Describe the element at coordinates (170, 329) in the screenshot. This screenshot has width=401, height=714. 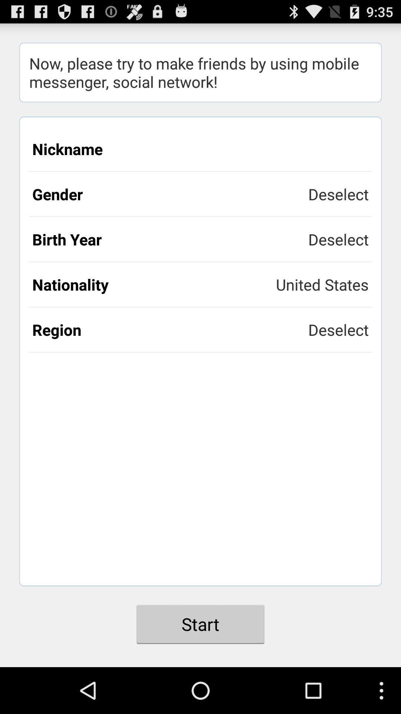
I see `the app below the nationality item` at that location.